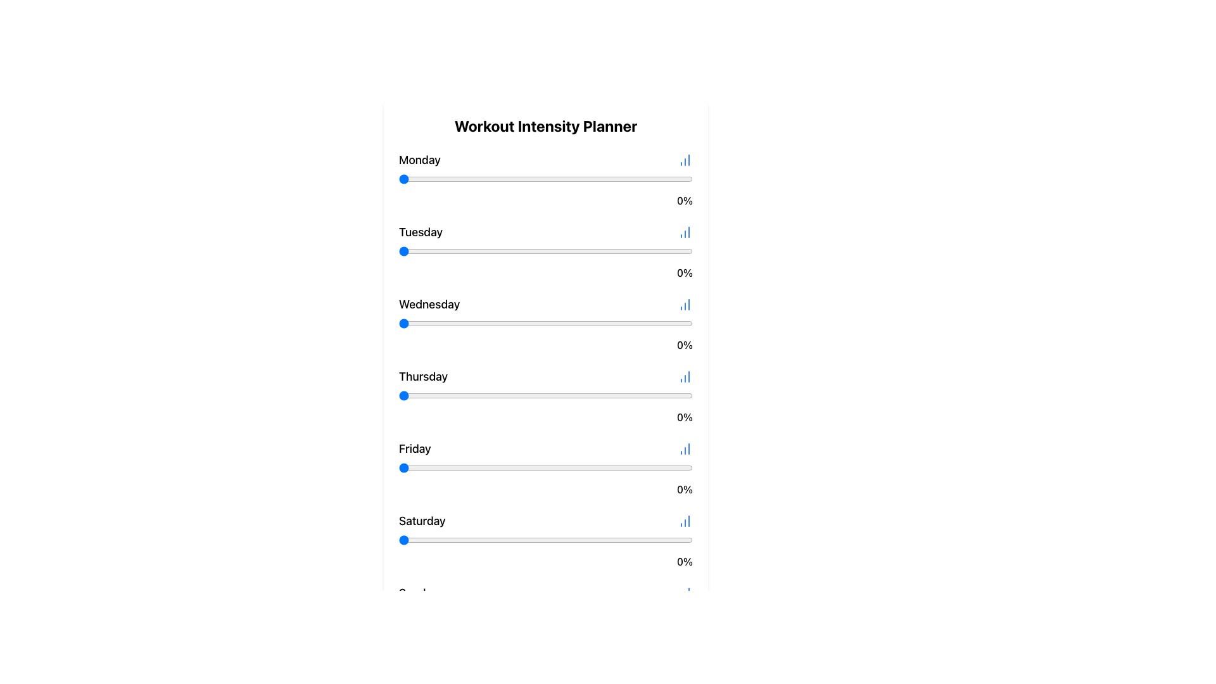  What do you see at coordinates (546, 126) in the screenshot?
I see `the text element displaying 'Workout Intensity Planner', which is prominently located at the top of the panel` at bounding box center [546, 126].